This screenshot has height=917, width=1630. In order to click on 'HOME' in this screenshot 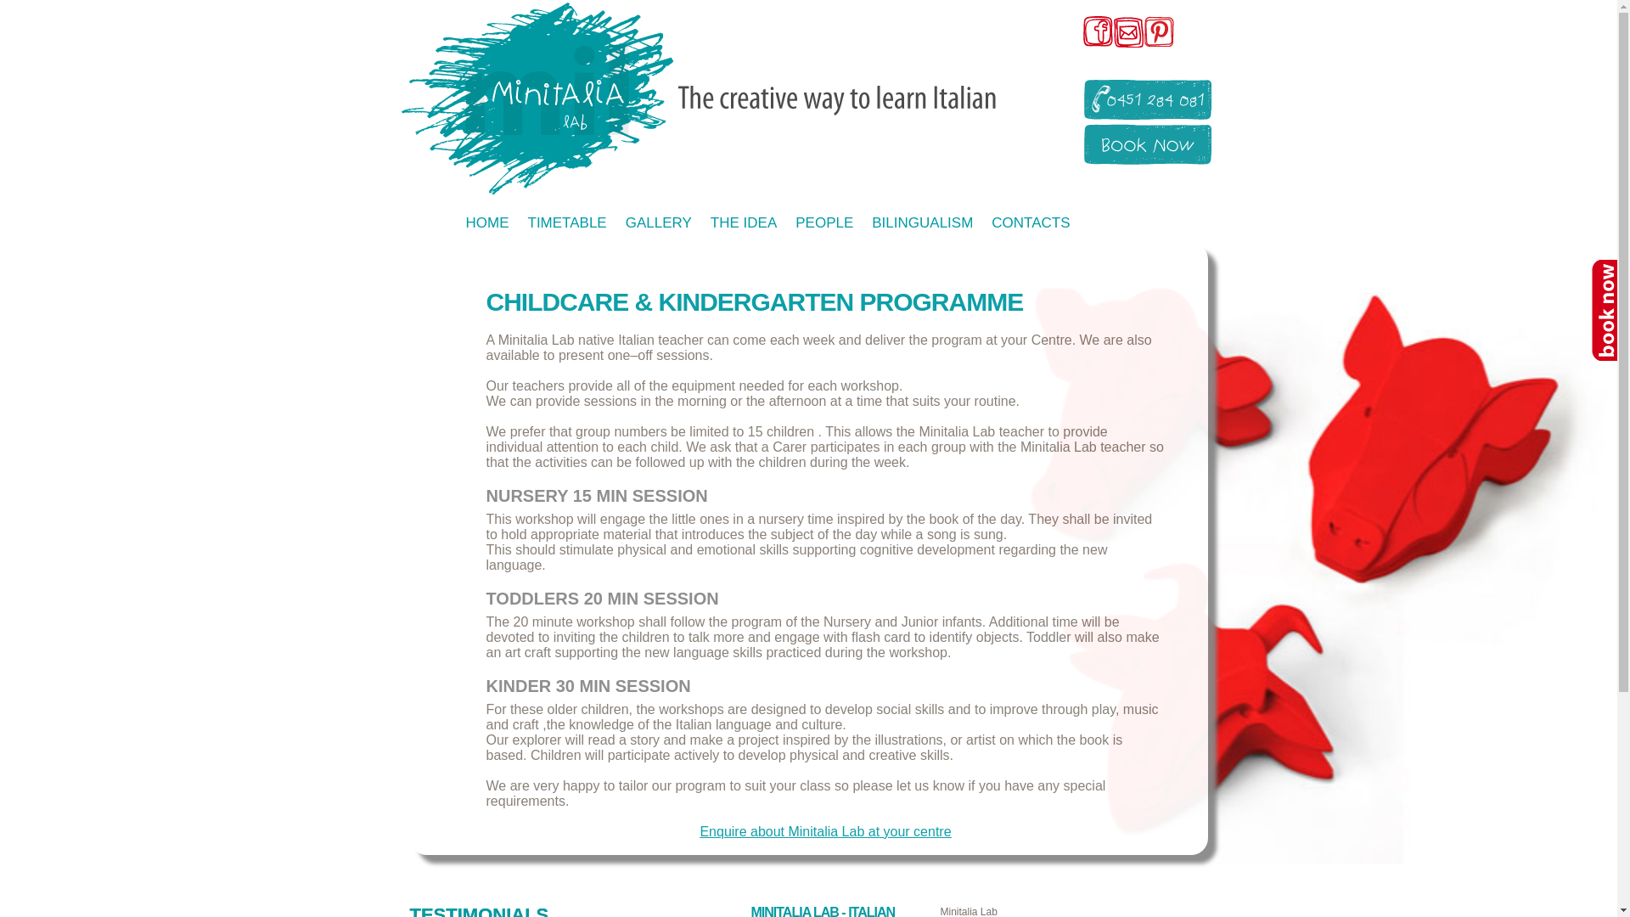, I will do `click(486, 222)`.